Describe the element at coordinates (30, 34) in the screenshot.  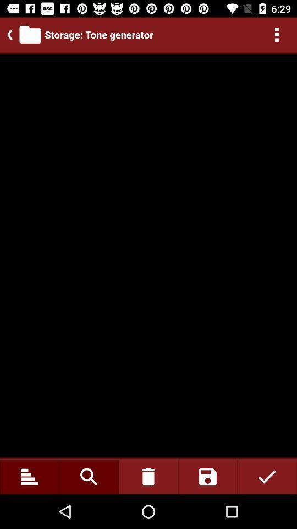
I see `the folder icon` at that location.